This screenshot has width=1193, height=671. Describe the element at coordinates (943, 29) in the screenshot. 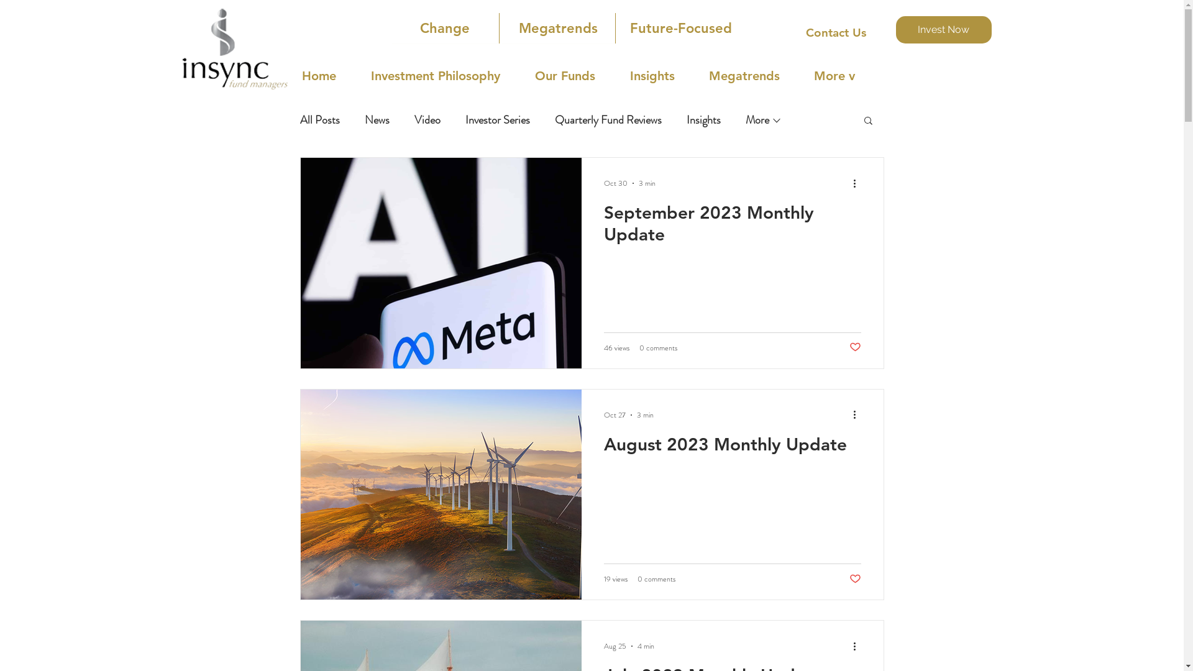

I see `'Invest Now'` at that location.